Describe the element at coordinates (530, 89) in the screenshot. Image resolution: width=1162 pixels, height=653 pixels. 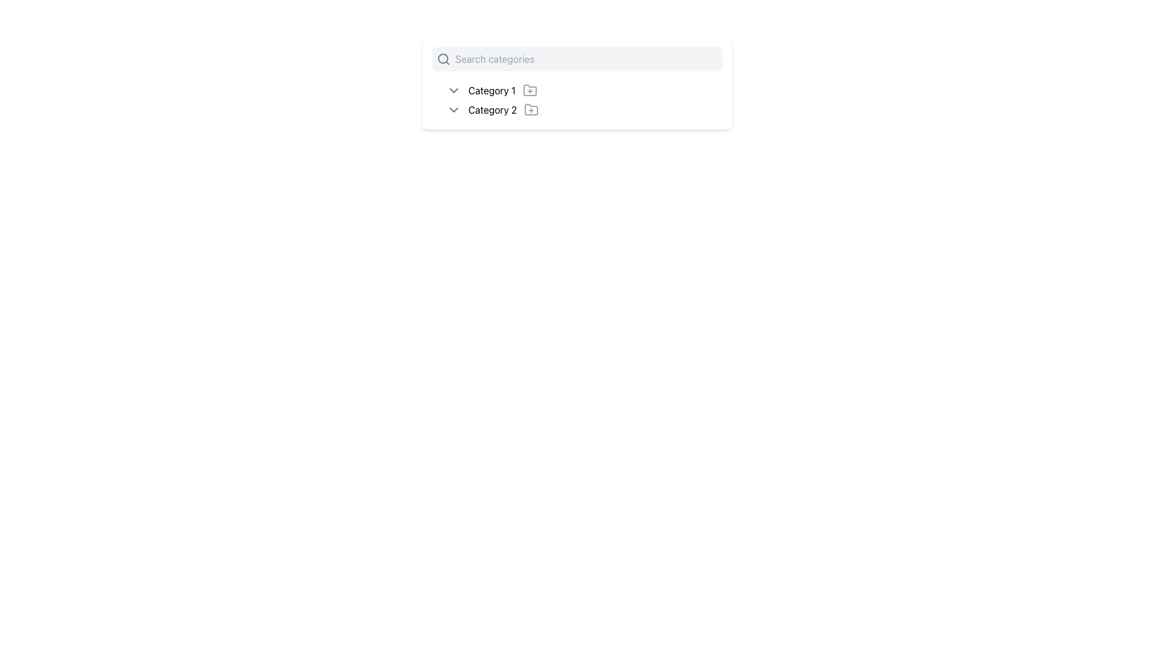
I see `the folder icon with rounded edges located next to the 'Category 1' label in the vertical list` at that location.